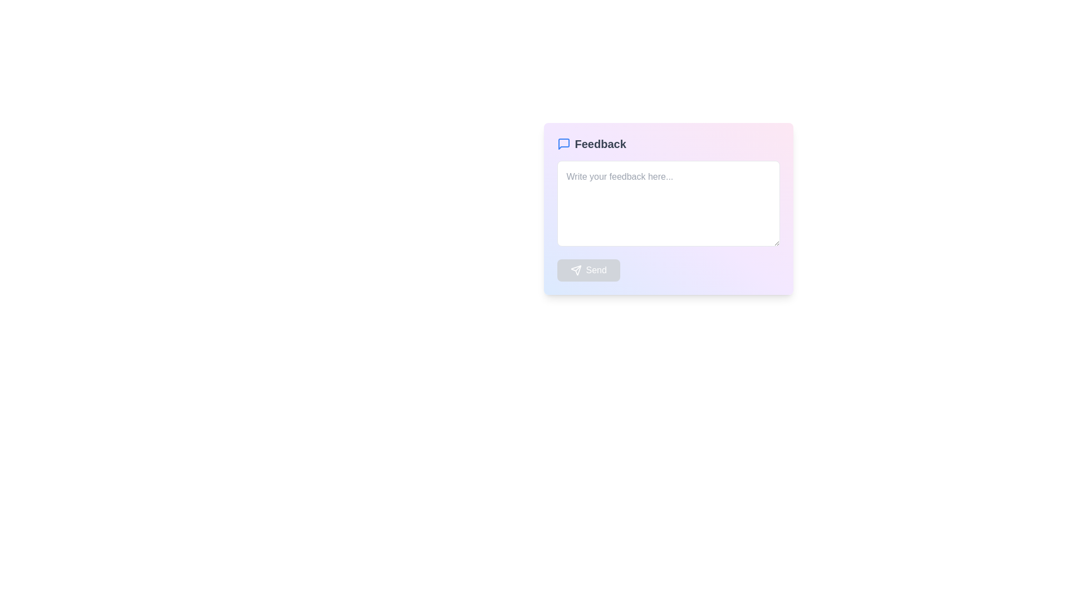 The width and height of the screenshot is (1069, 601). I want to click on the header with an icon-element combination, so click(668, 143).